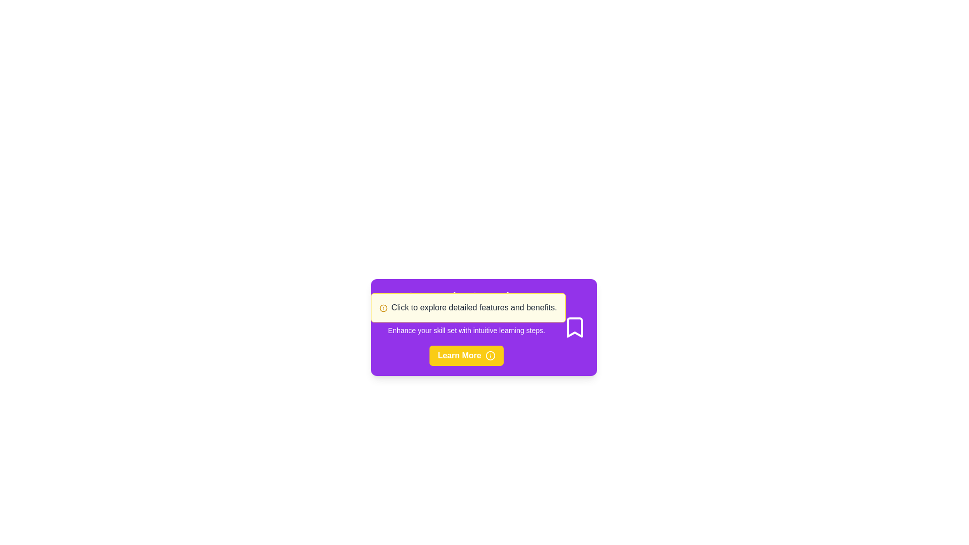  I want to click on text paragraph styled in small font, bright white color against a purple background, located below the title 'Interactive Learning Assistant' and above the 'Learn More' button, so click(466, 331).